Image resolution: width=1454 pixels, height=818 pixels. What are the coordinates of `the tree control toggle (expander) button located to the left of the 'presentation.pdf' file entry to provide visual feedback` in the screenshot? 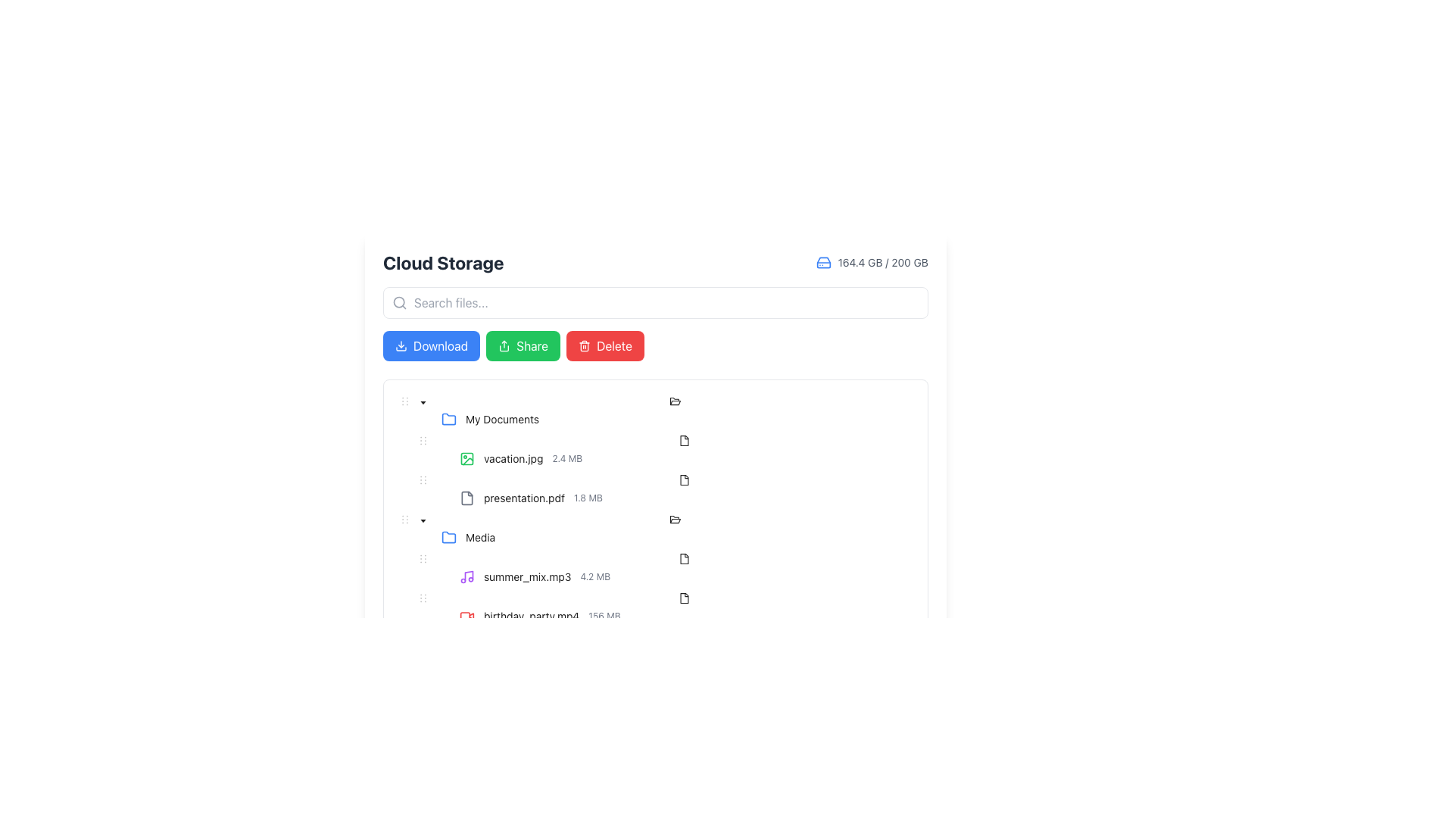 It's located at (440, 489).